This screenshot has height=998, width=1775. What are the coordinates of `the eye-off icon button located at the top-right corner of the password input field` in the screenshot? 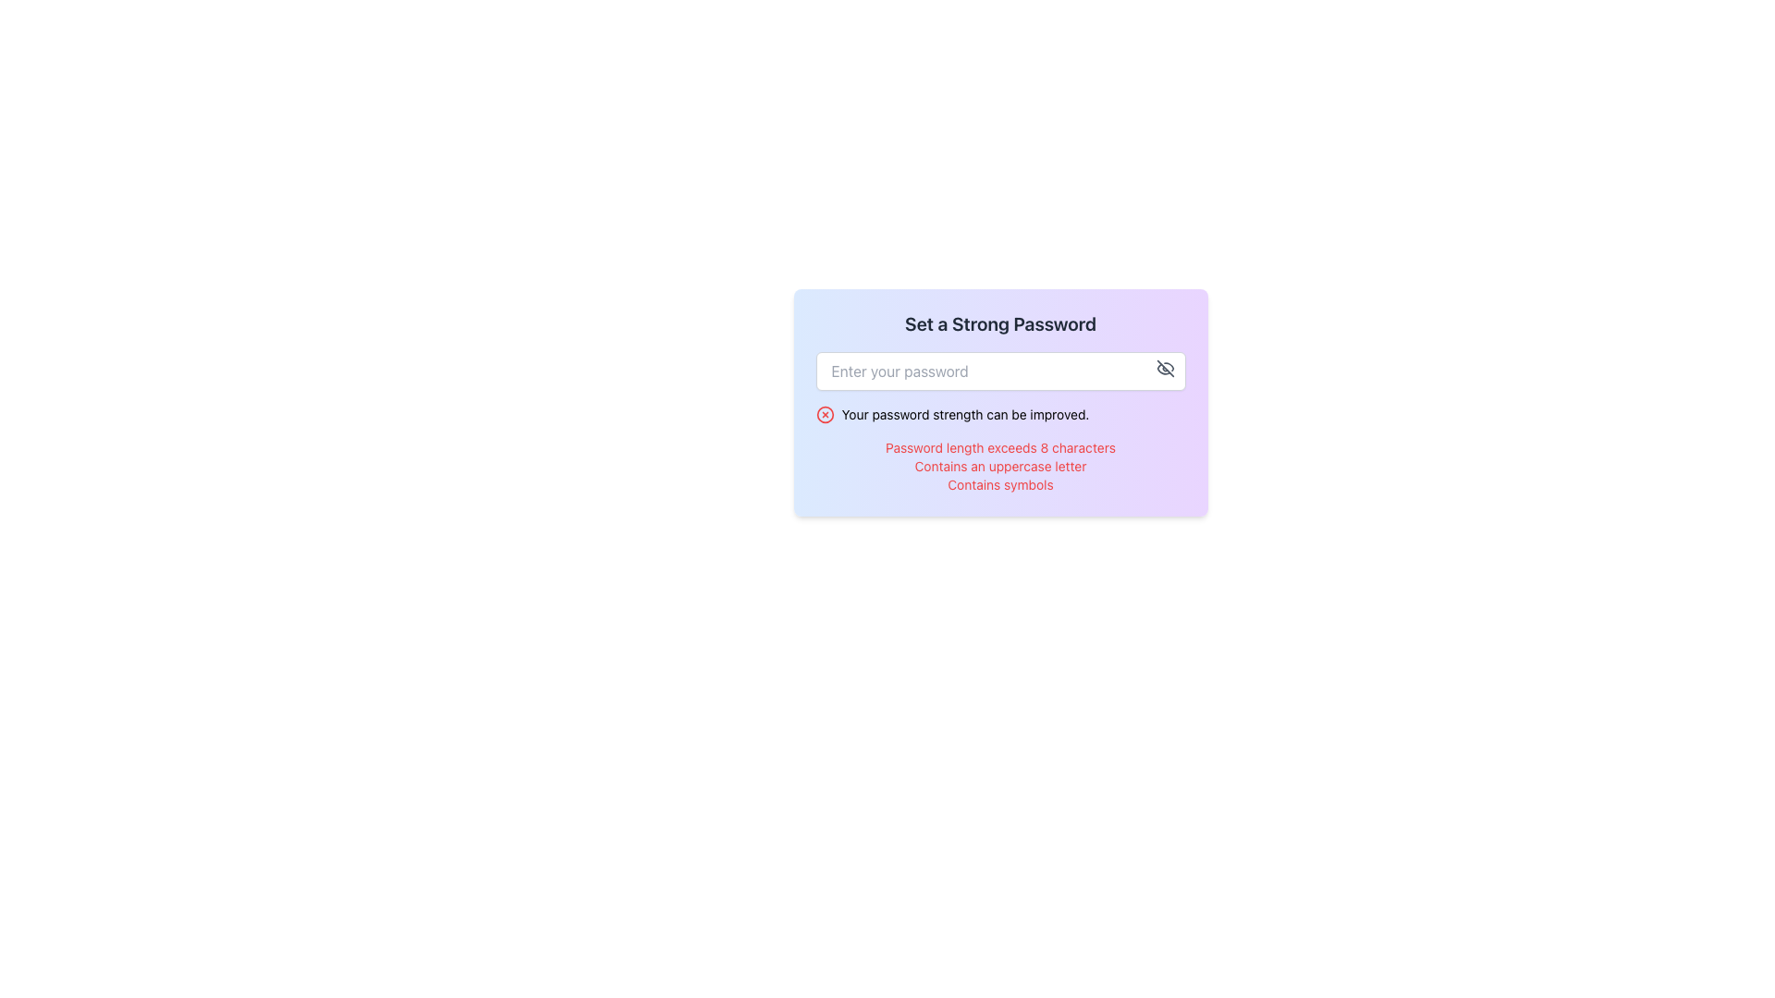 It's located at (1164, 368).